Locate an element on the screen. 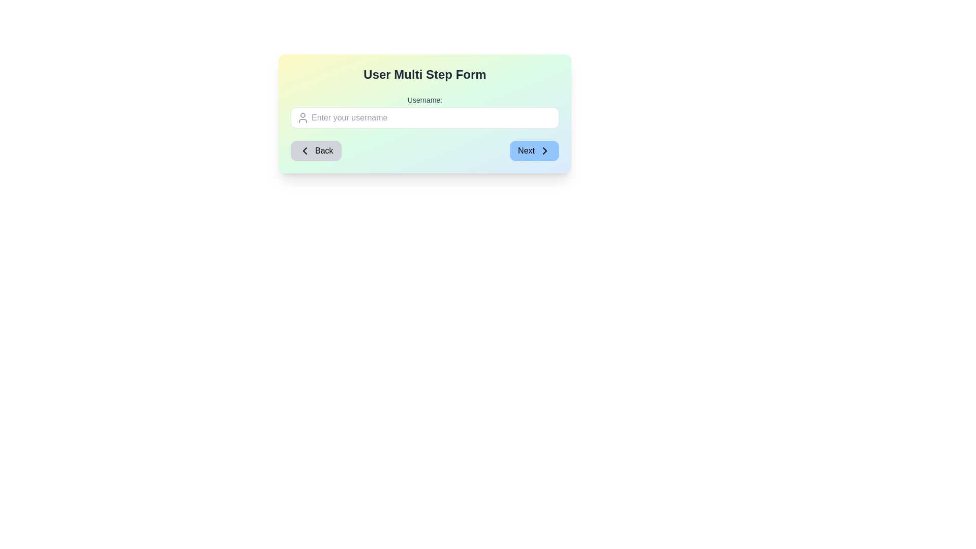 This screenshot has width=976, height=549. the 'User Multi Step Form' text label, which is prominently displayed in a bold, large, dark gray font at the top of the form card is located at coordinates (424, 74).